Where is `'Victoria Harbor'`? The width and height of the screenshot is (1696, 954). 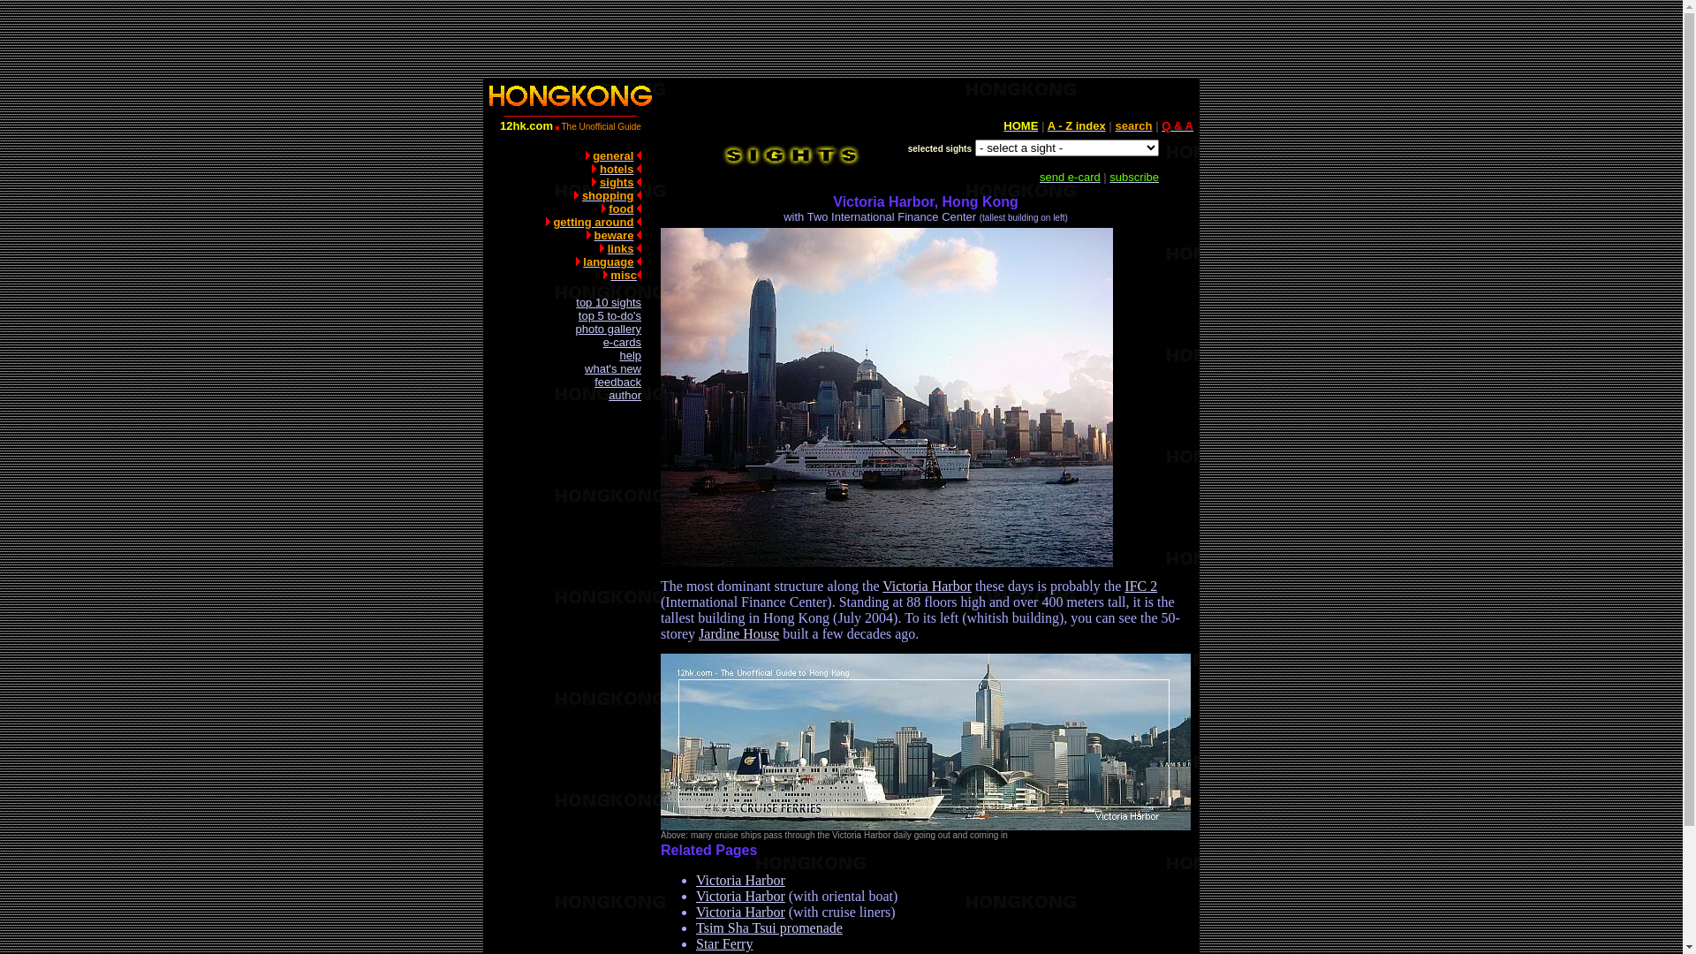
'Victoria Harbor' is located at coordinates (740, 896).